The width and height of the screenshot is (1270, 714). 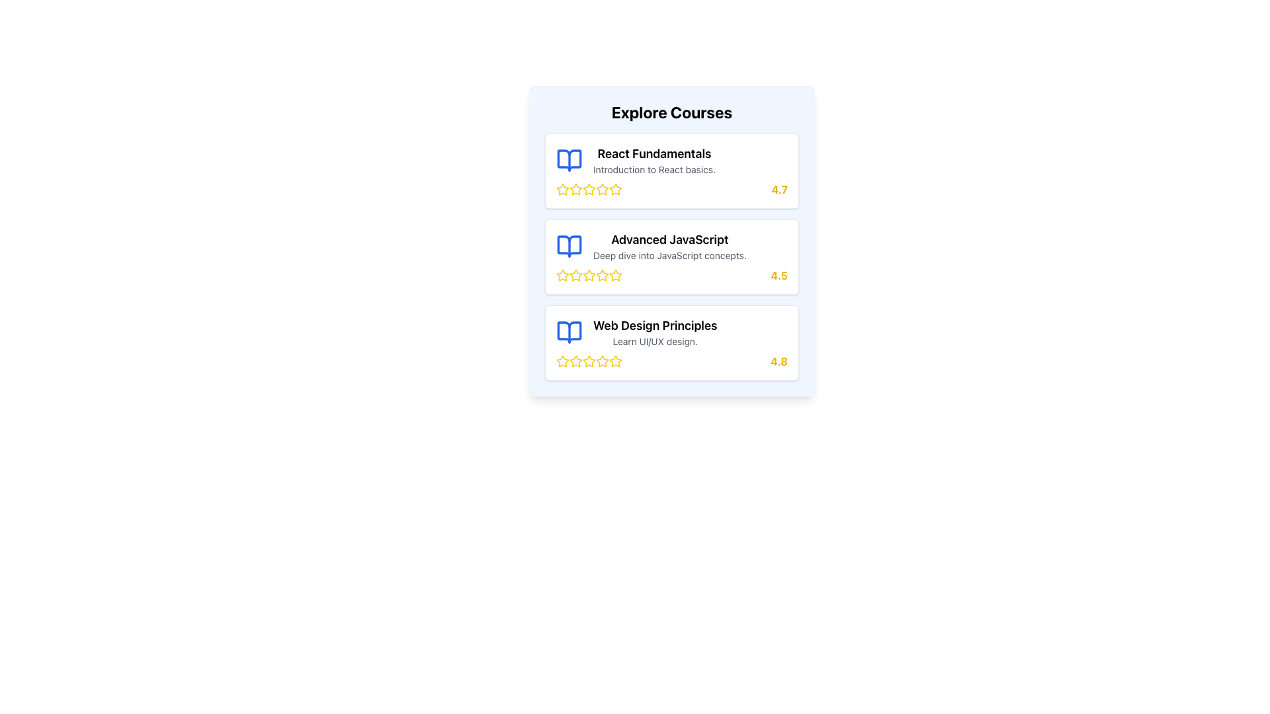 I want to click on text from the course title label located at the center of the first card in the 'Explore Courses' section, so click(x=654, y=153).